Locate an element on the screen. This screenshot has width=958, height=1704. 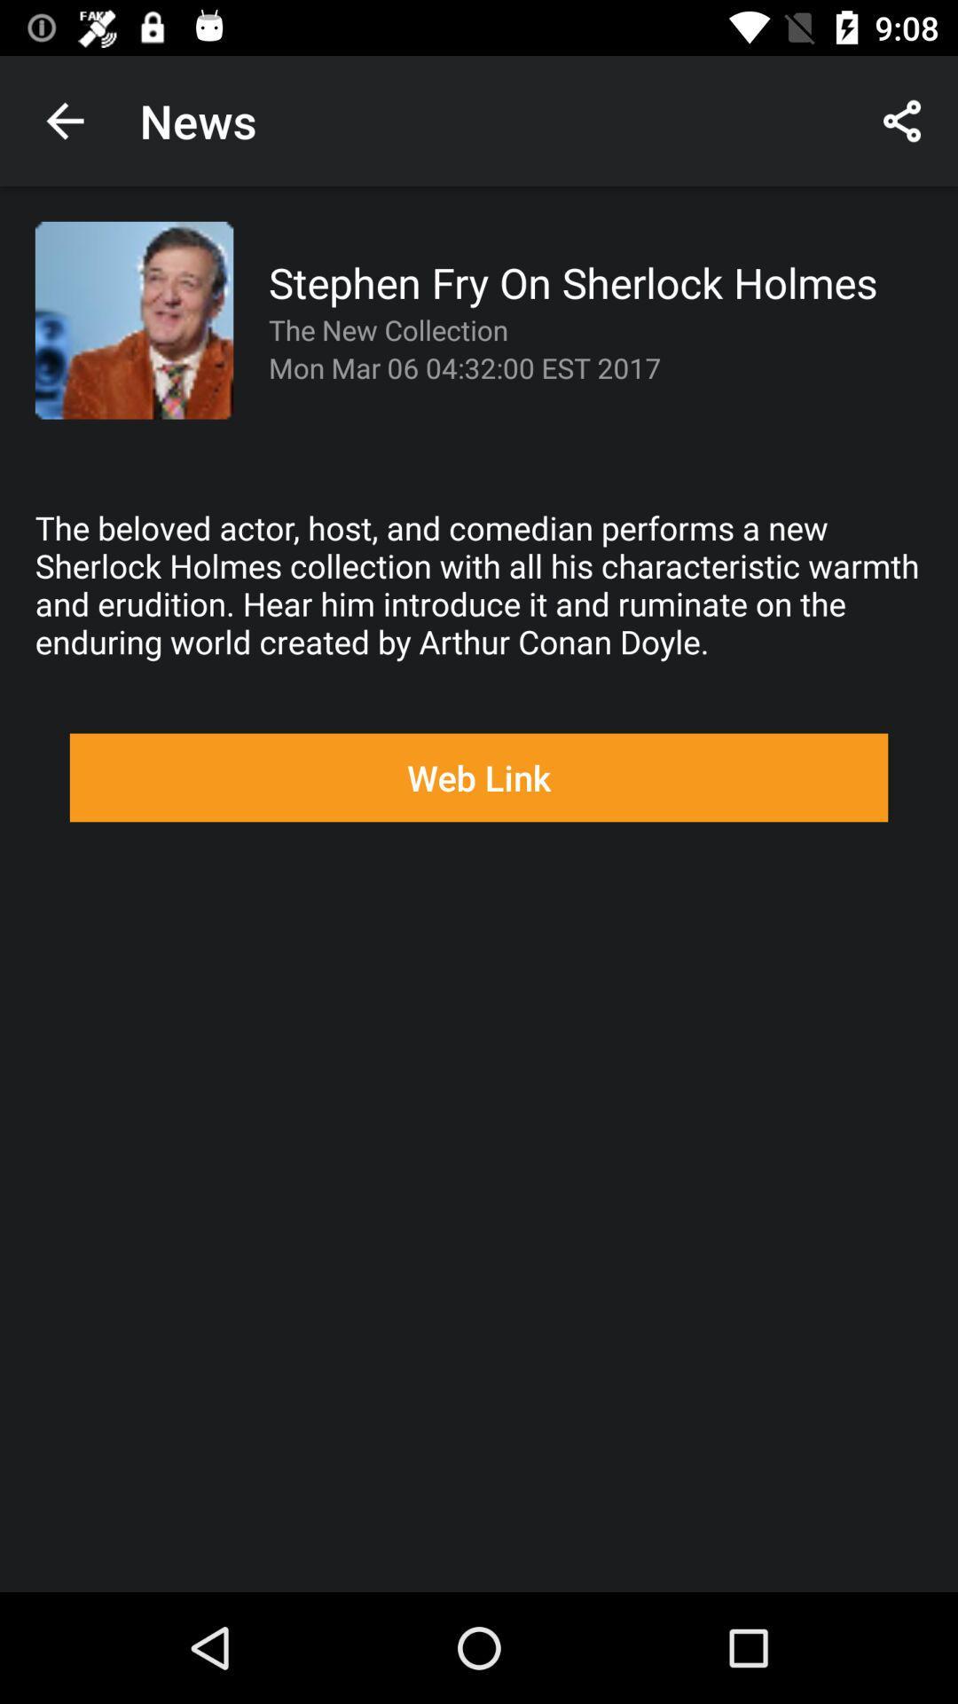
icon next to news is located at coordinates (64, 120).